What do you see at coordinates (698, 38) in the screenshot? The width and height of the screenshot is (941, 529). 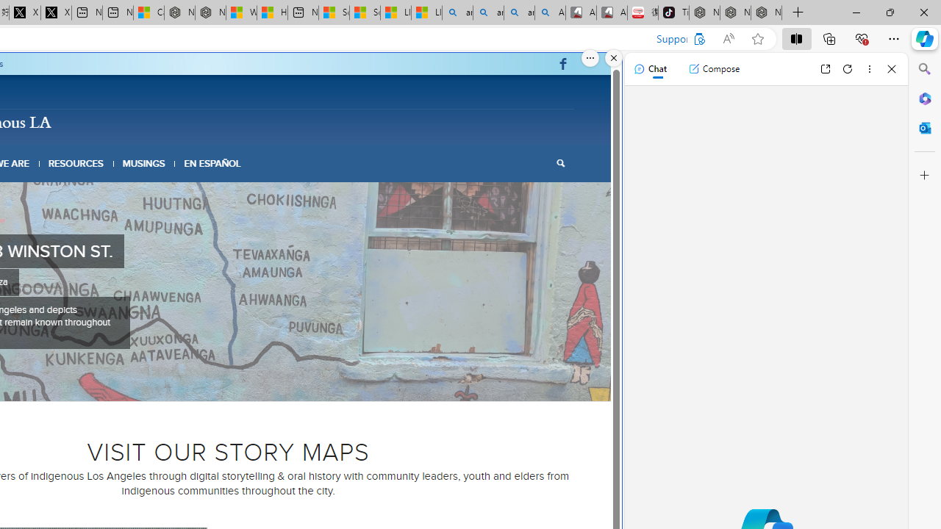 I see `'Support THE UCLA FOUNDATION?'` at bounding box center [698, 38].